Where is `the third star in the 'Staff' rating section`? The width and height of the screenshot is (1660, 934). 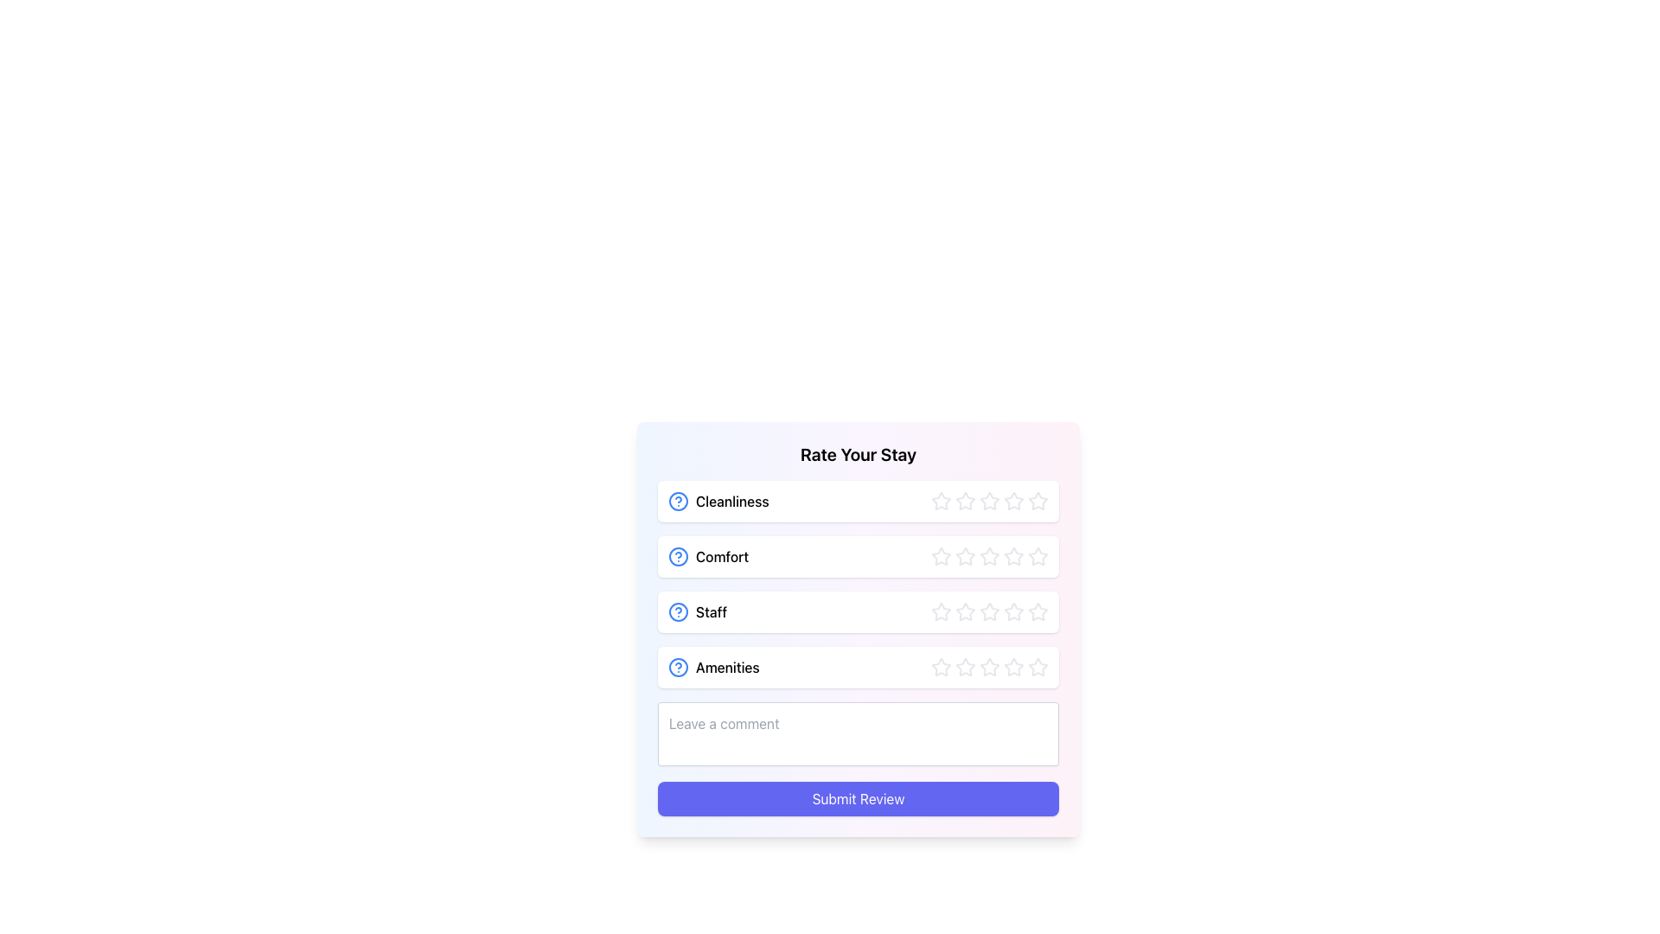 the third star in the 'Staff' rating section is located at coordinates (990, 611).